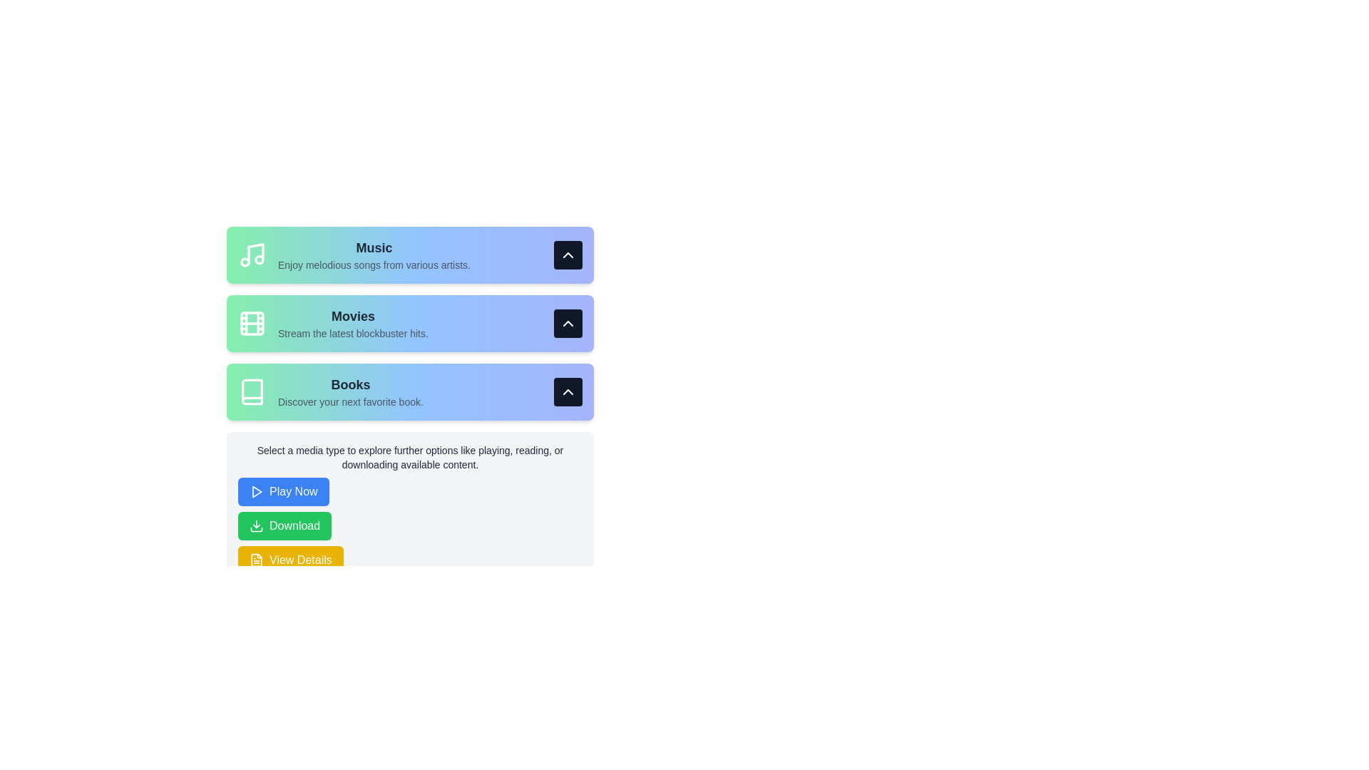 The image size is (1369, 770). What do you see at coordinates (332, 324) in the screenshot?
I see `the Information card located in the second position of the vertically stacked list of cards, situated below the 'Music' card and above the 'Books' card` at bounding box center [332, 324].